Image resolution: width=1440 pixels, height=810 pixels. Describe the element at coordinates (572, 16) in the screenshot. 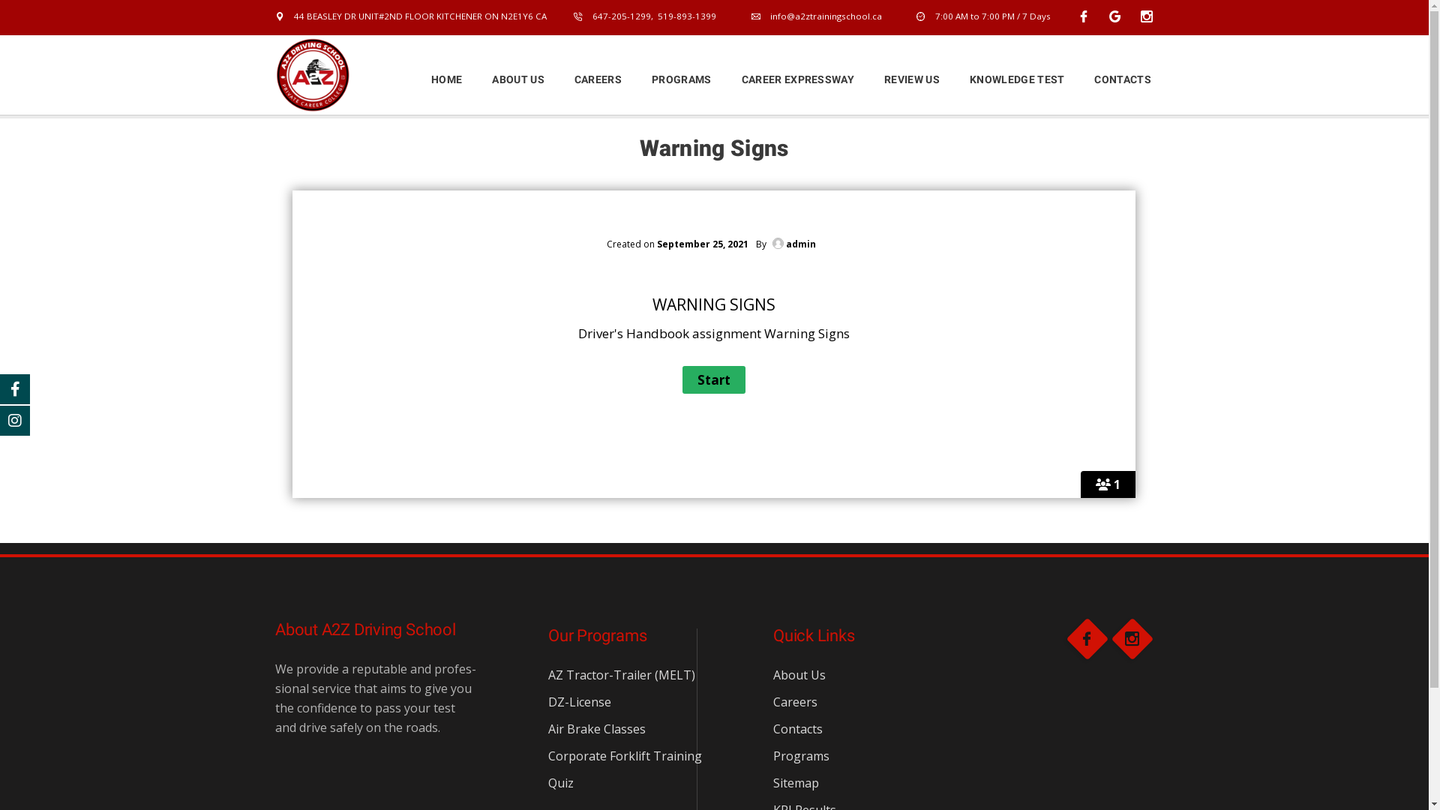

I see `'647-205-1299,  519-893-1399'` at that location.